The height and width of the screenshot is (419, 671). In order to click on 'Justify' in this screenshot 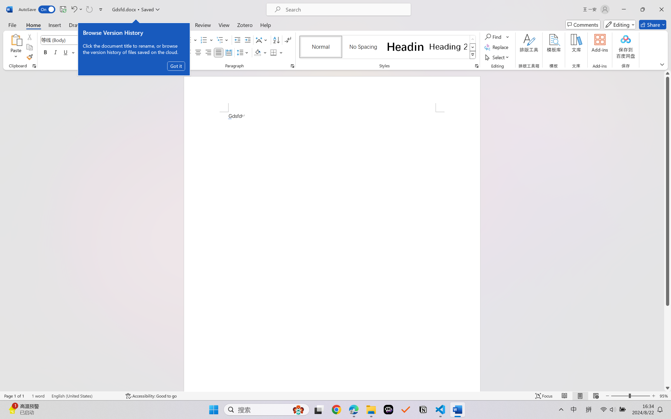, I will do `click(218, 52)`.